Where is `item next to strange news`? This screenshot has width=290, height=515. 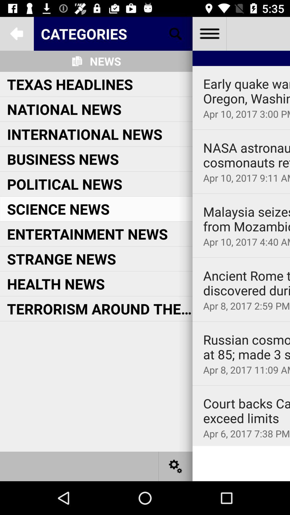
item next to strange news is located at coordinates (241, 257).